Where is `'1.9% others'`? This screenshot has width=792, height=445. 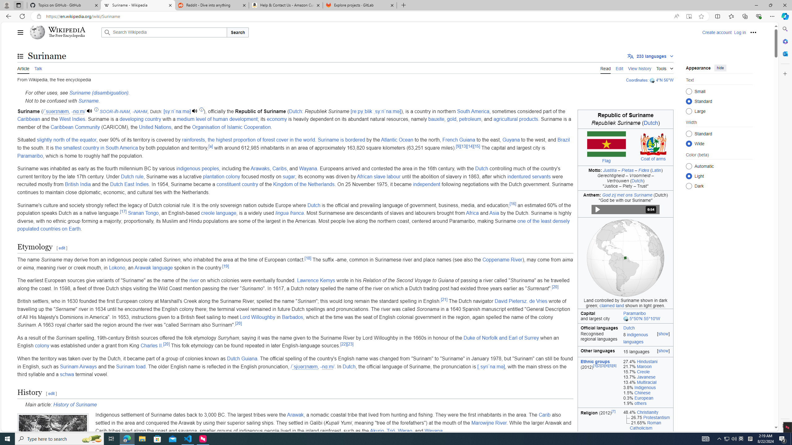
'1.9% others' is located at coordinates (647, 403).